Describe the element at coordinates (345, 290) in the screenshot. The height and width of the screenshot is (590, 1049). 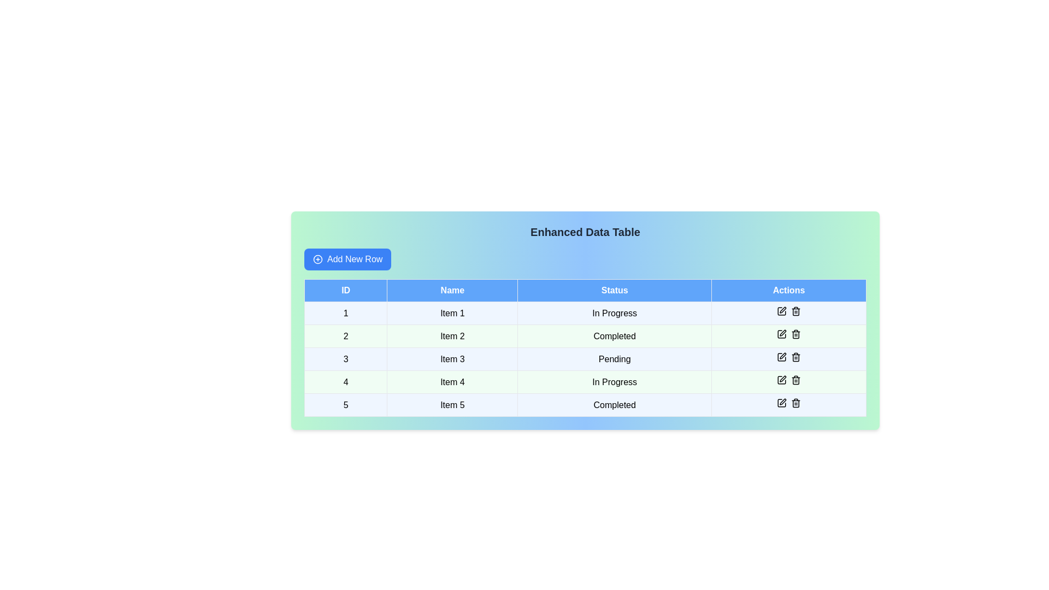
I see `the first column header of the table, which displays IDs of items, positioned beneath the 'Add New Row' button` at that location.